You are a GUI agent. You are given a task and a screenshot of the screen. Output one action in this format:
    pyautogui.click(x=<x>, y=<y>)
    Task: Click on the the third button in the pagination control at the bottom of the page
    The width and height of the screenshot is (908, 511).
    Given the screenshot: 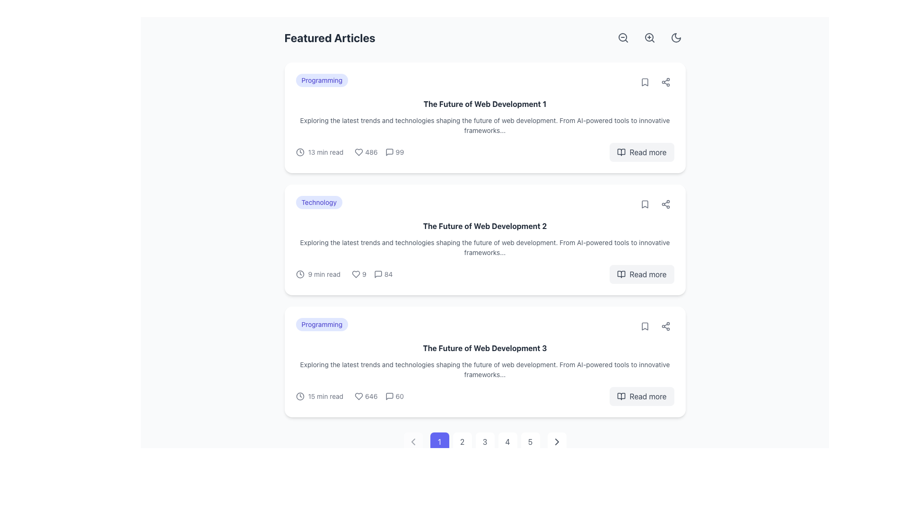 What is the action you would take?
    pyautogui.click(x=485, y=441)
    